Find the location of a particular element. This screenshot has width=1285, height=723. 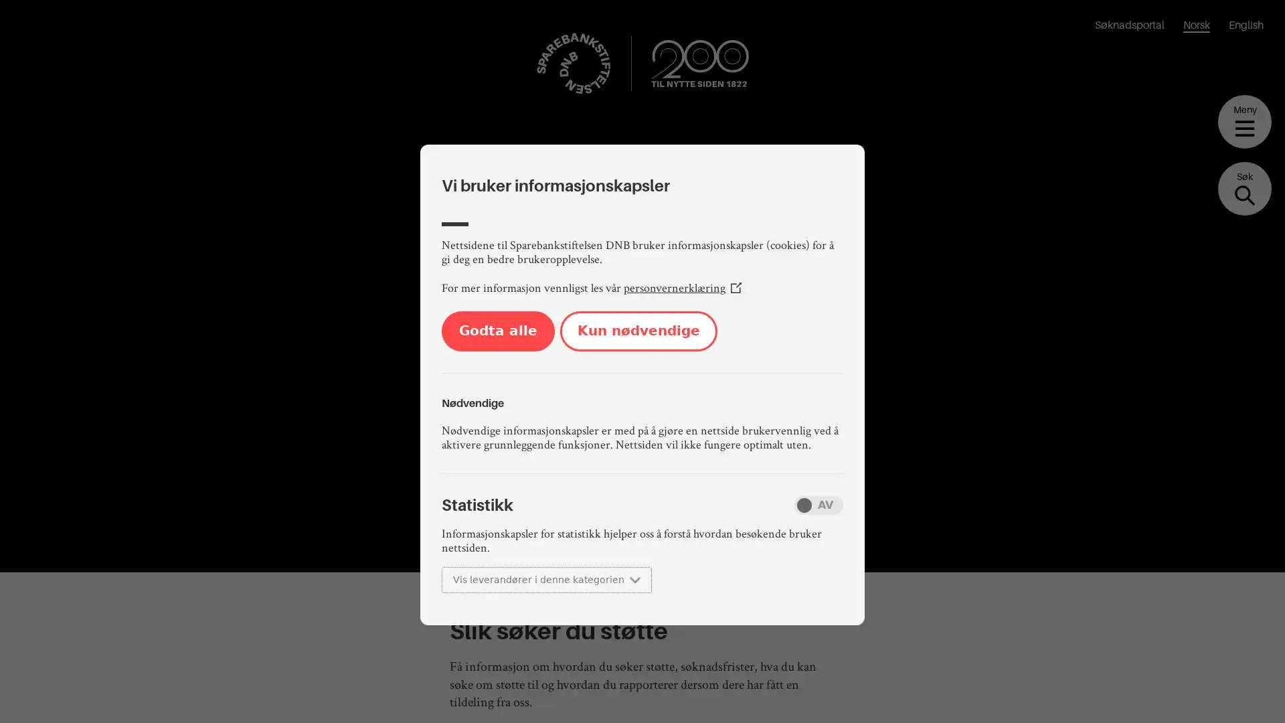

Meny Meny is located at coordinates (1244, 121).